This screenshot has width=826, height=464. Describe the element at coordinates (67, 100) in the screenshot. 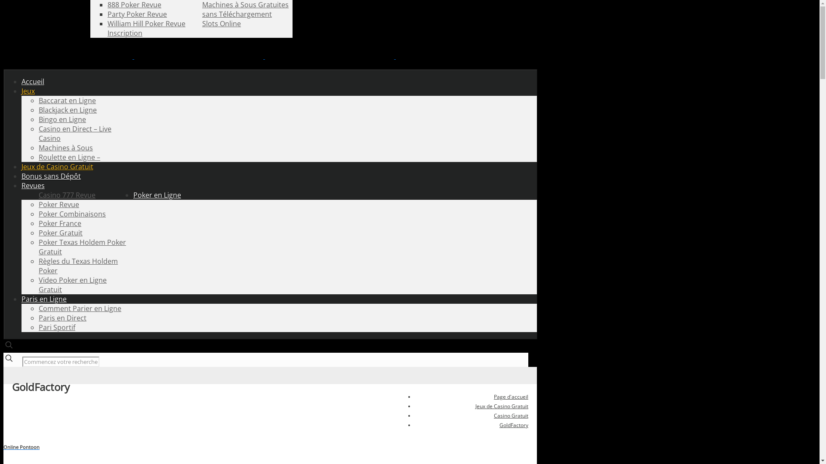

I see `'Baccarat en Ligne'` at that location.